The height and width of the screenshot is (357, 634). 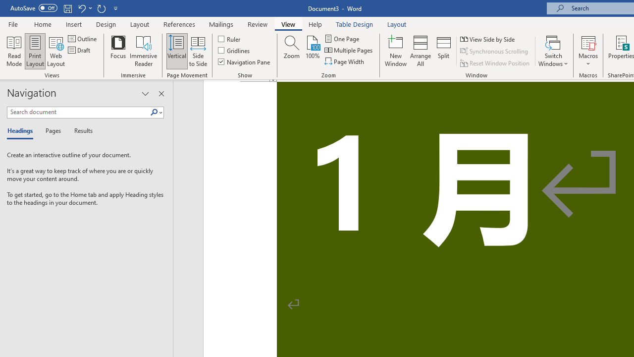 What do you see at coordinates (342, 38) in the screenshot?
I see `'One Page'` at bounding box center [342, 38].